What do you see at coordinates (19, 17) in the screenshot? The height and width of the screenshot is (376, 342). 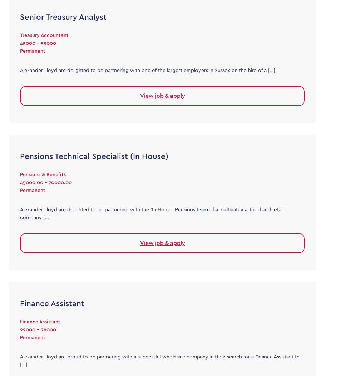 I see `'Senior Treasury Analyst'` at bounding box center [19, 17].